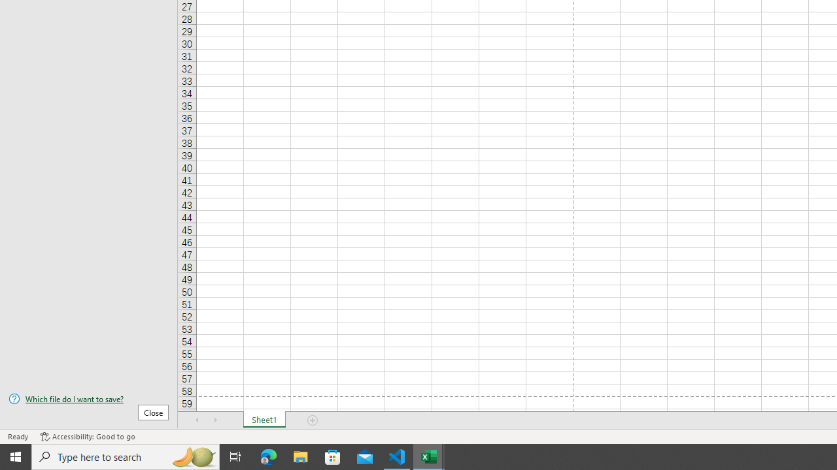 The width and height of the screenshot is (837, 470). I want to click on 'Type here to search', so click(126, 456).